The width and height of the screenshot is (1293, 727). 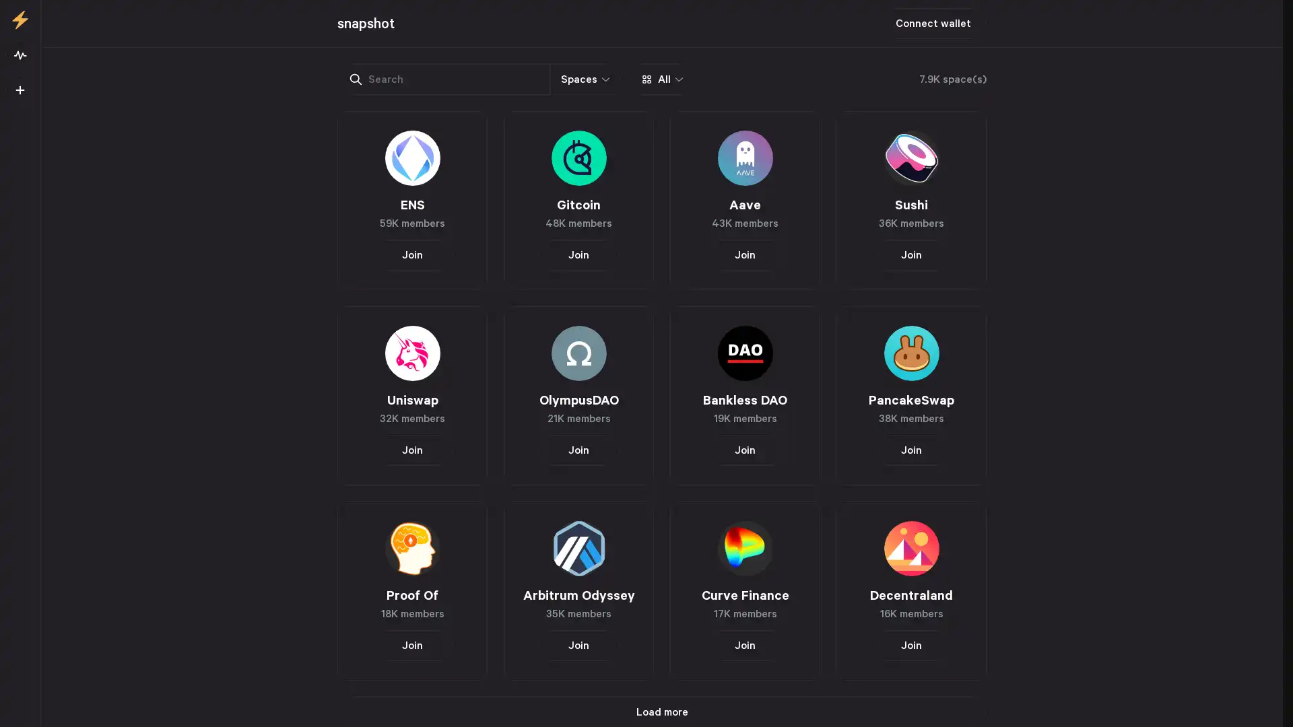 I want to click on Join, so click(x=411, y=450).